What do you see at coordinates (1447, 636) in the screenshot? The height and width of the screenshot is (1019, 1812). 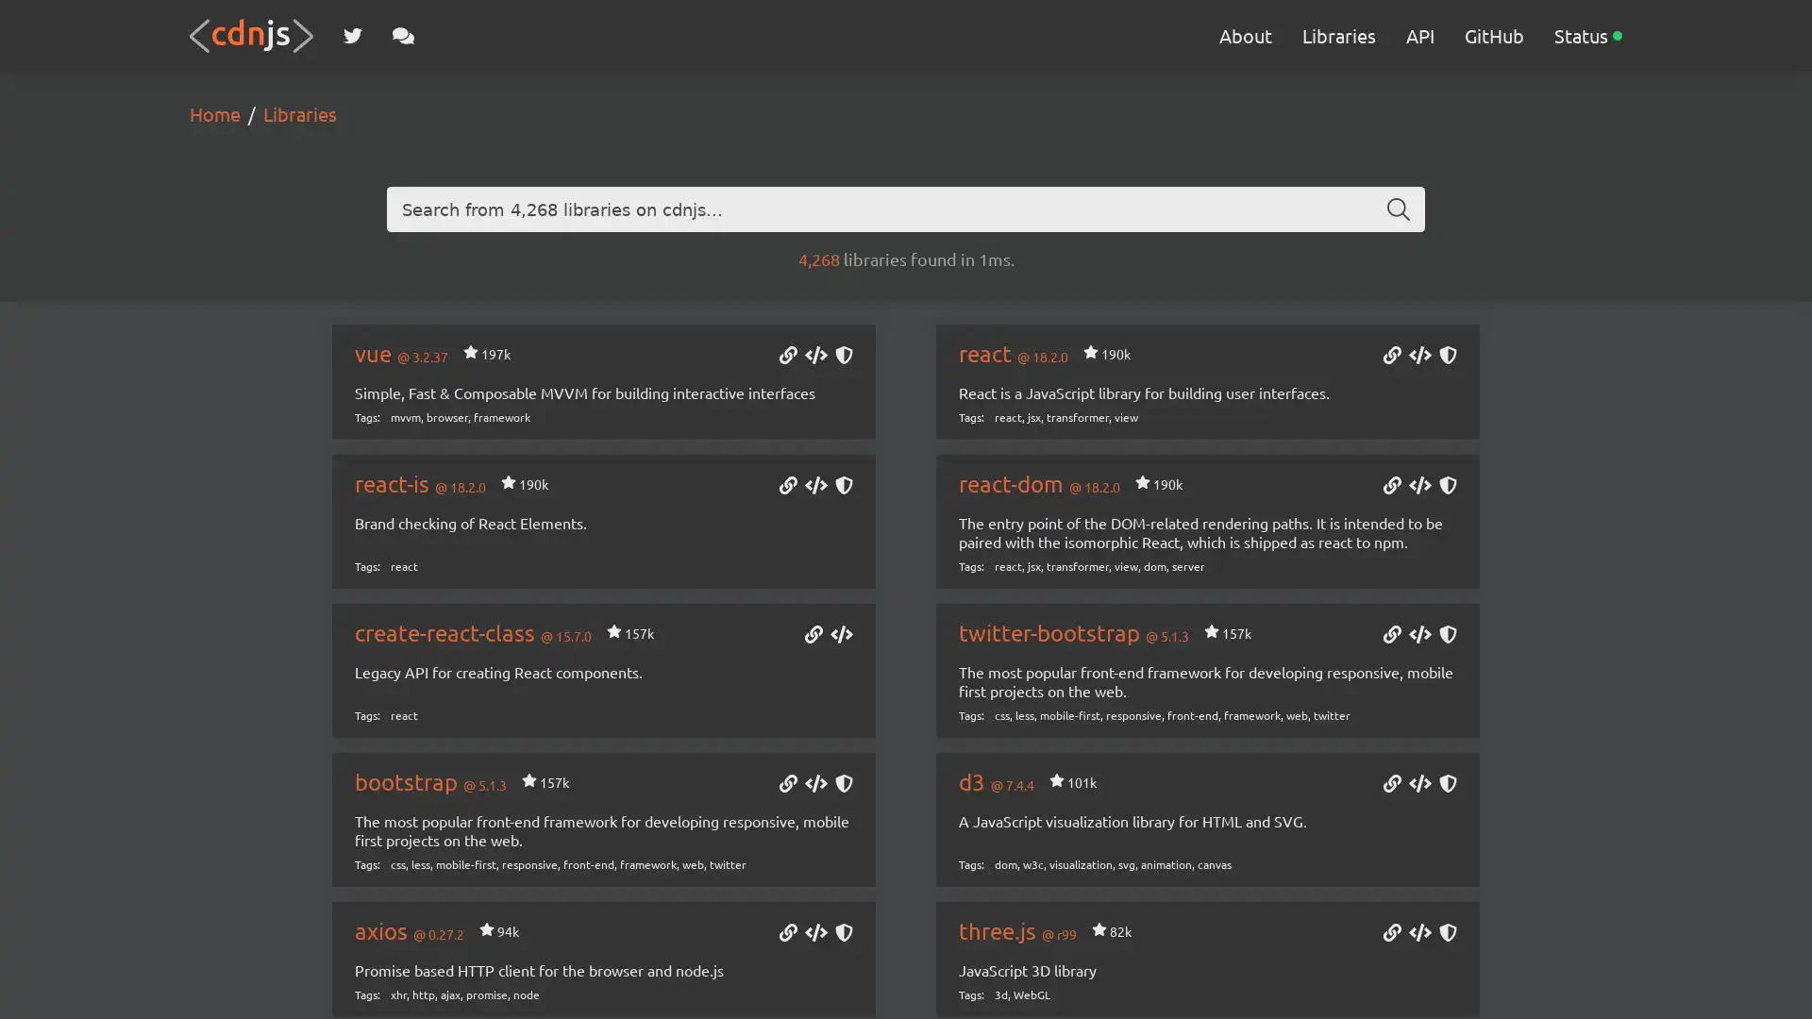 I see `Copy SRI Hash` at bounding box center [1447, 636].